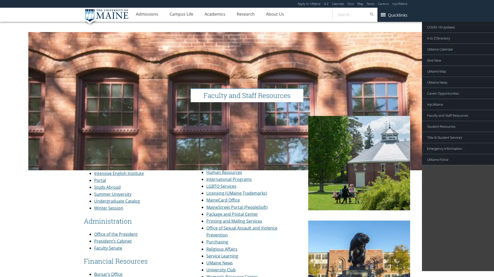  I want to click on Quicklinks, so click(393, 14).